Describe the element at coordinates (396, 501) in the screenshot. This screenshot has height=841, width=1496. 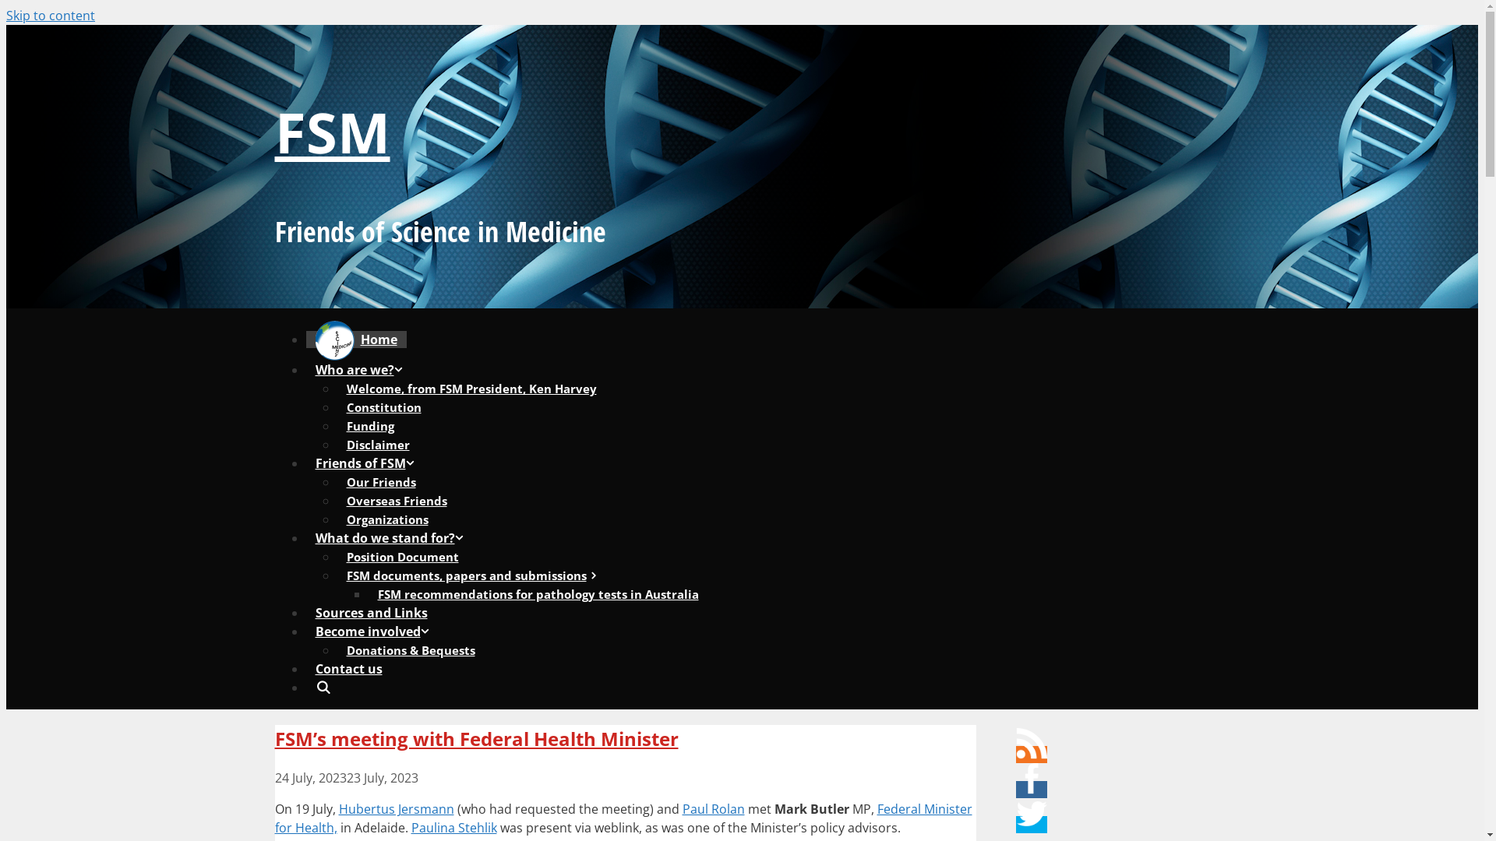
I see `'Overseas Friends'` at that location.